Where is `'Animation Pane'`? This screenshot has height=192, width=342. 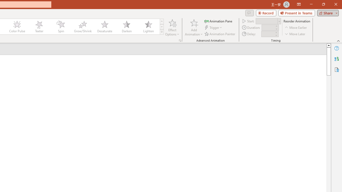
'Animation Pane' is located at coordinates (219, 21).